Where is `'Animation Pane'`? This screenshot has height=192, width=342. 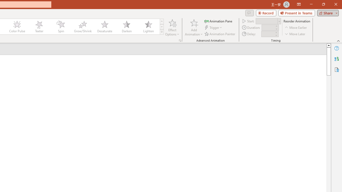
'Animation Pane' is located at coordinates (219, 21).